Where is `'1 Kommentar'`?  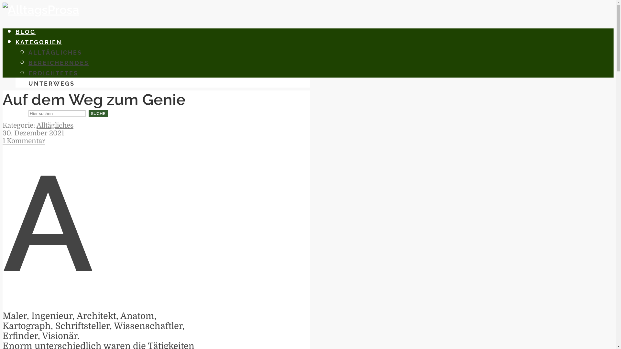
'1 Kommentar' is located at coordinates (24, 140).